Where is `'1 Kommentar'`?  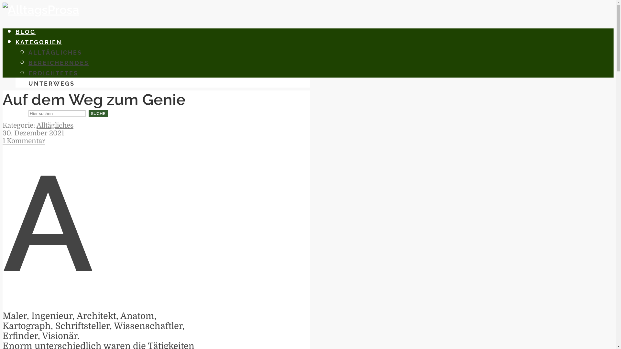
'1 Kommentar' is located at coordinates (24, 140).